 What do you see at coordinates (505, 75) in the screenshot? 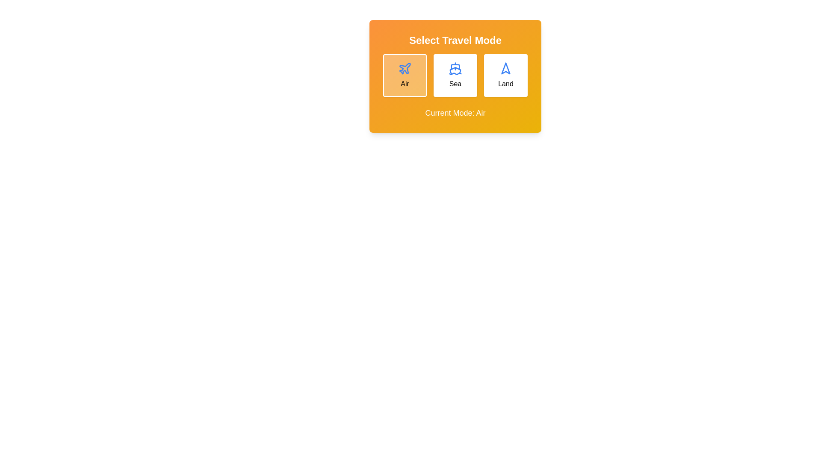
I see `the button corresponding to the travel mode Land` at bounding box center [505, 75].